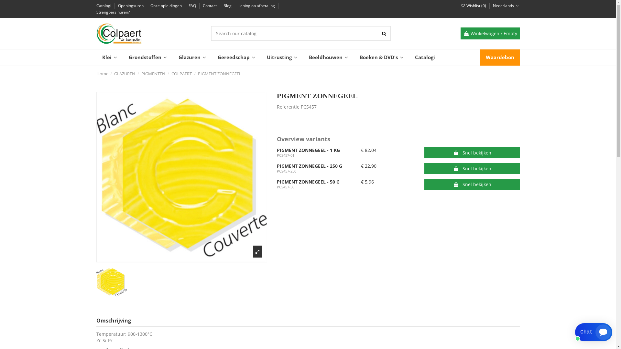 The image size is (621, 349). I want to click on 'Winkelwagen / Empty', so click(490, 34).